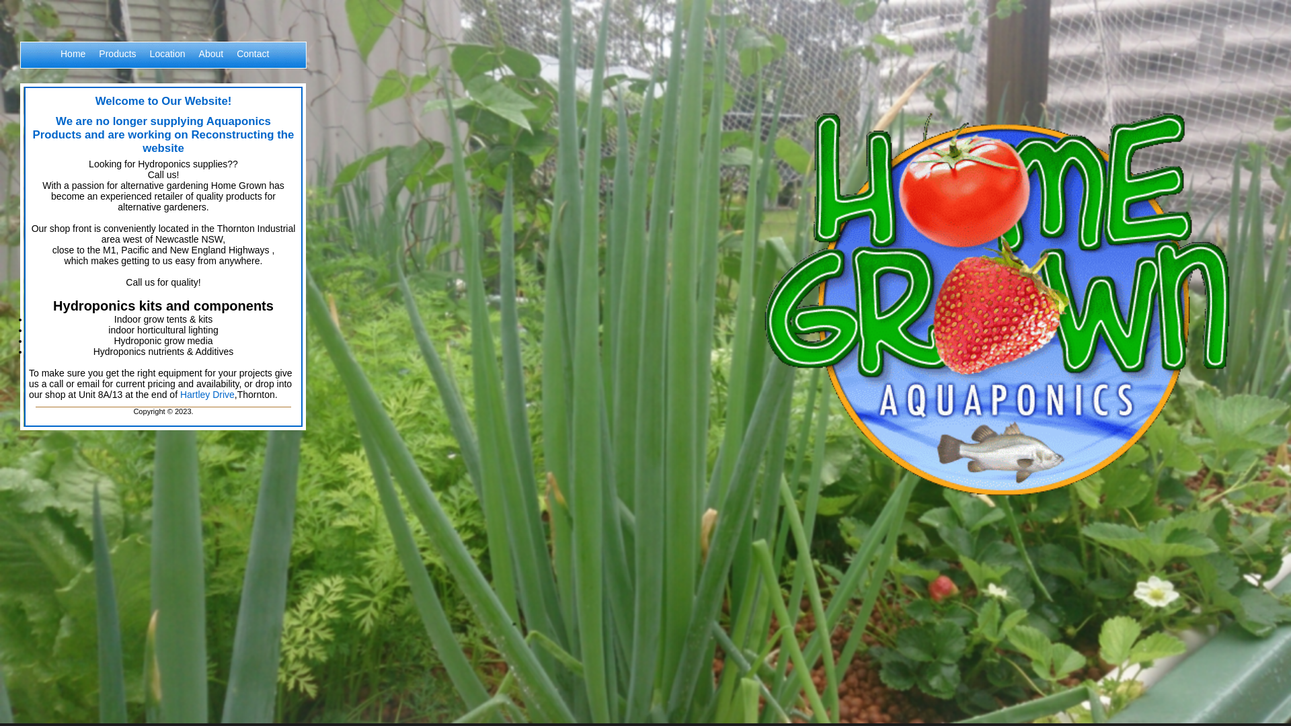  I want to click on 'About', so click(210, 62).